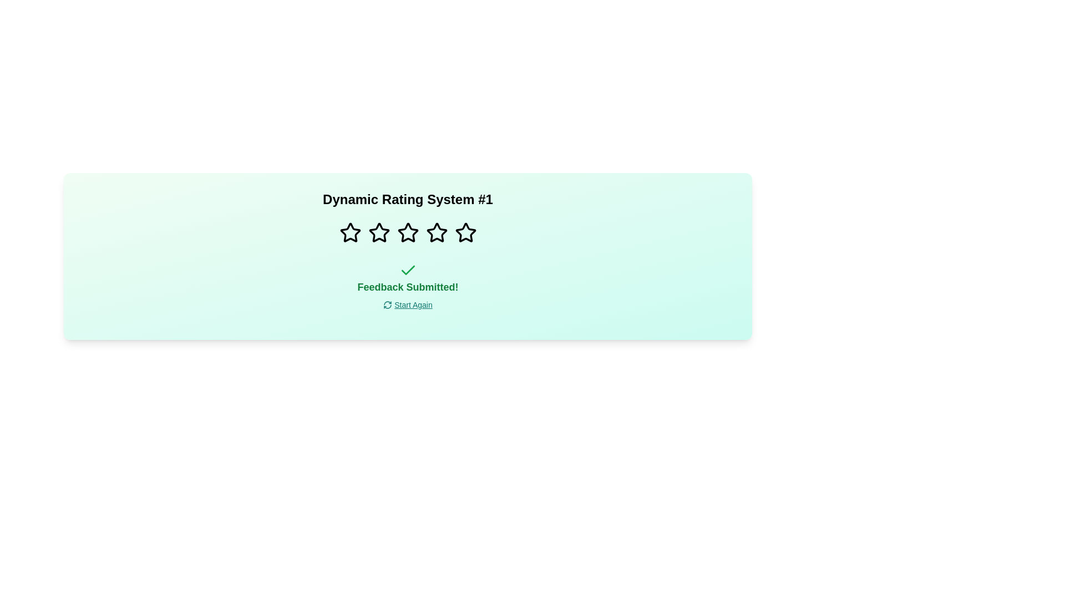 This screenshot has height=599, width=1065. Describe the element at coordinates (407, 232) in the screenshot. I see `the third star icon in the horizontal row of rating stars to trigger the highlight effect` at that location.